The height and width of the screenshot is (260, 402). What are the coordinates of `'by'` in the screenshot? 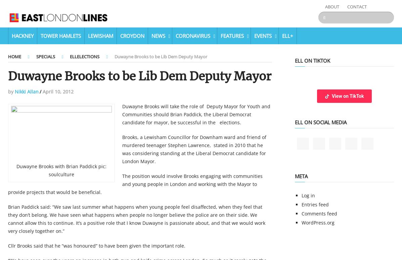 It's located at (11, 91).